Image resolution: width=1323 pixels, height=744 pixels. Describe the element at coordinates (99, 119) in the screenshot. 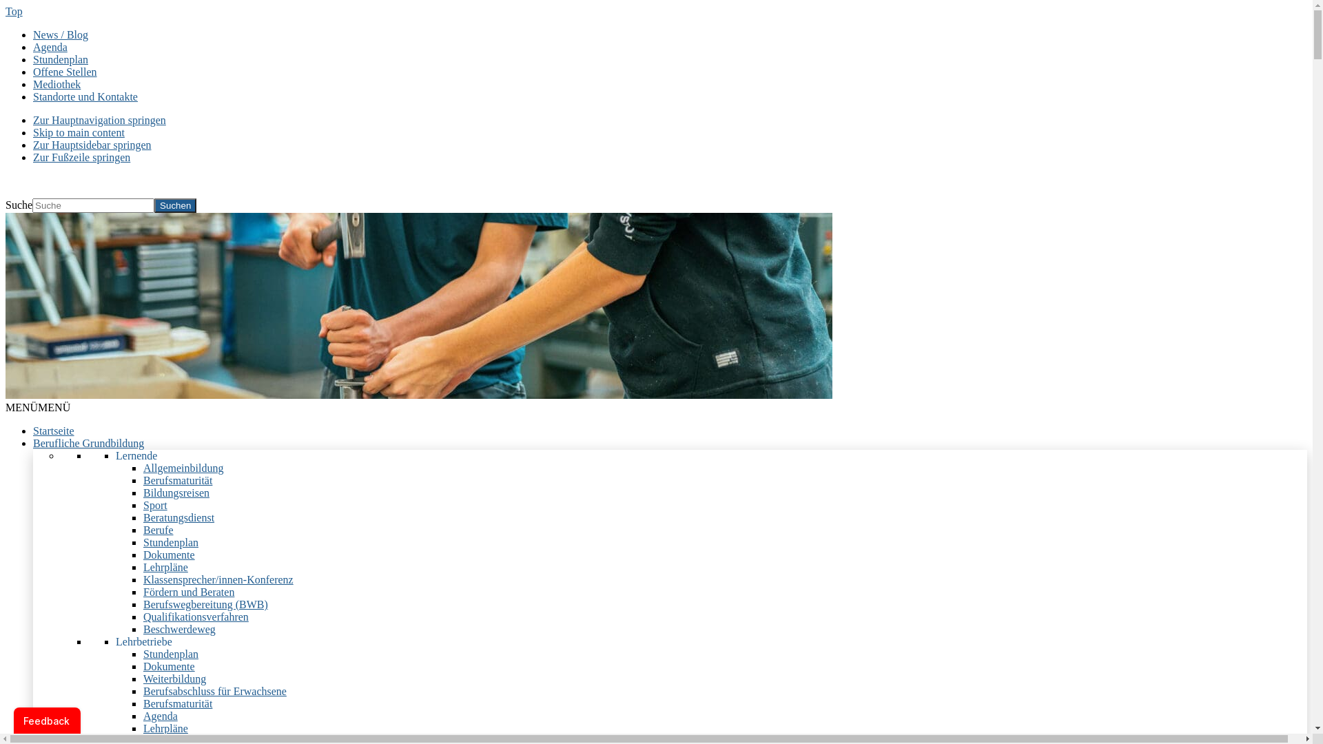

I see `'Zur Hauptnavigation springen'` at that location.